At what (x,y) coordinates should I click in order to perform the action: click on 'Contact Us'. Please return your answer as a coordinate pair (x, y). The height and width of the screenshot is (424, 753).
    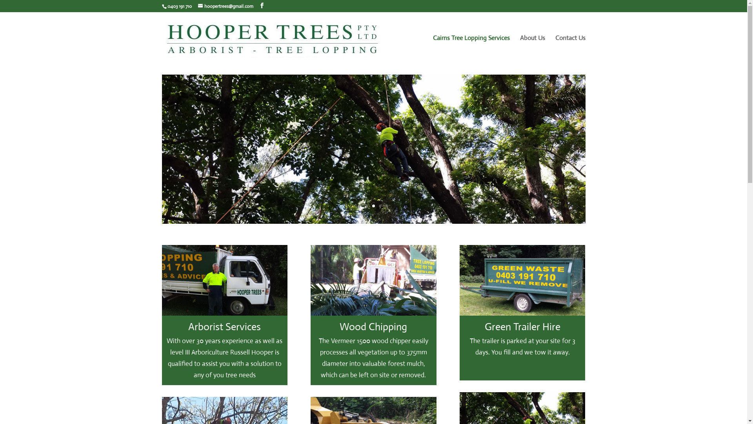
    Looking at the image, I should click on (555, 49).